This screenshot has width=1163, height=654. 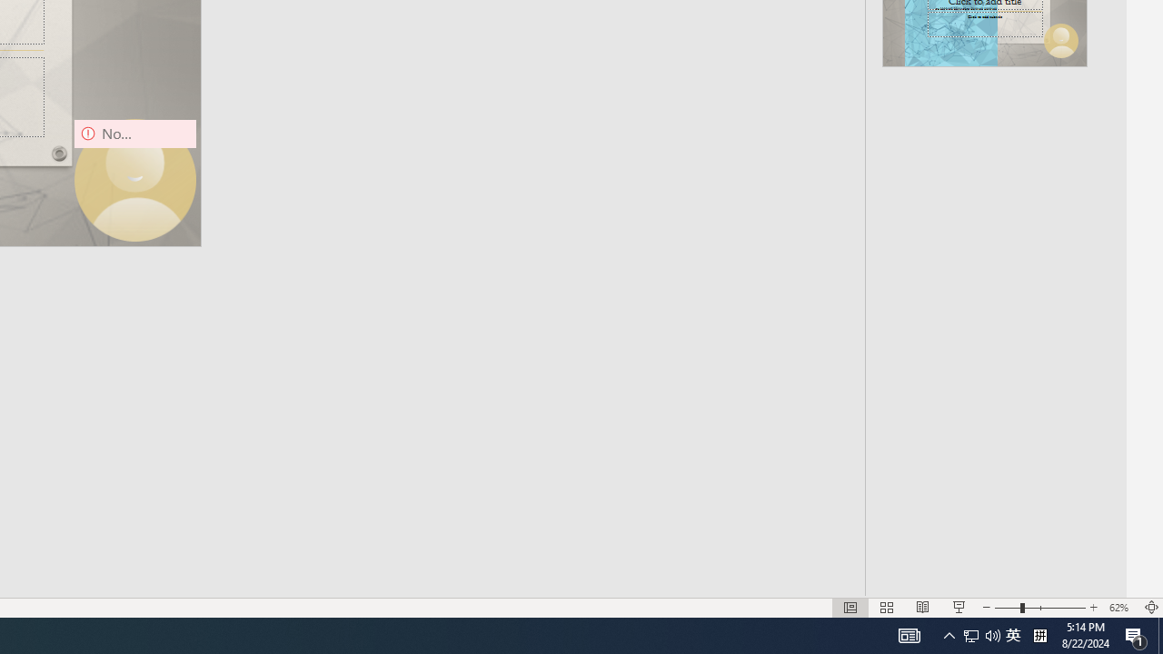 I want to click on 'Zoom 62%', so click(x=1120, y=608).